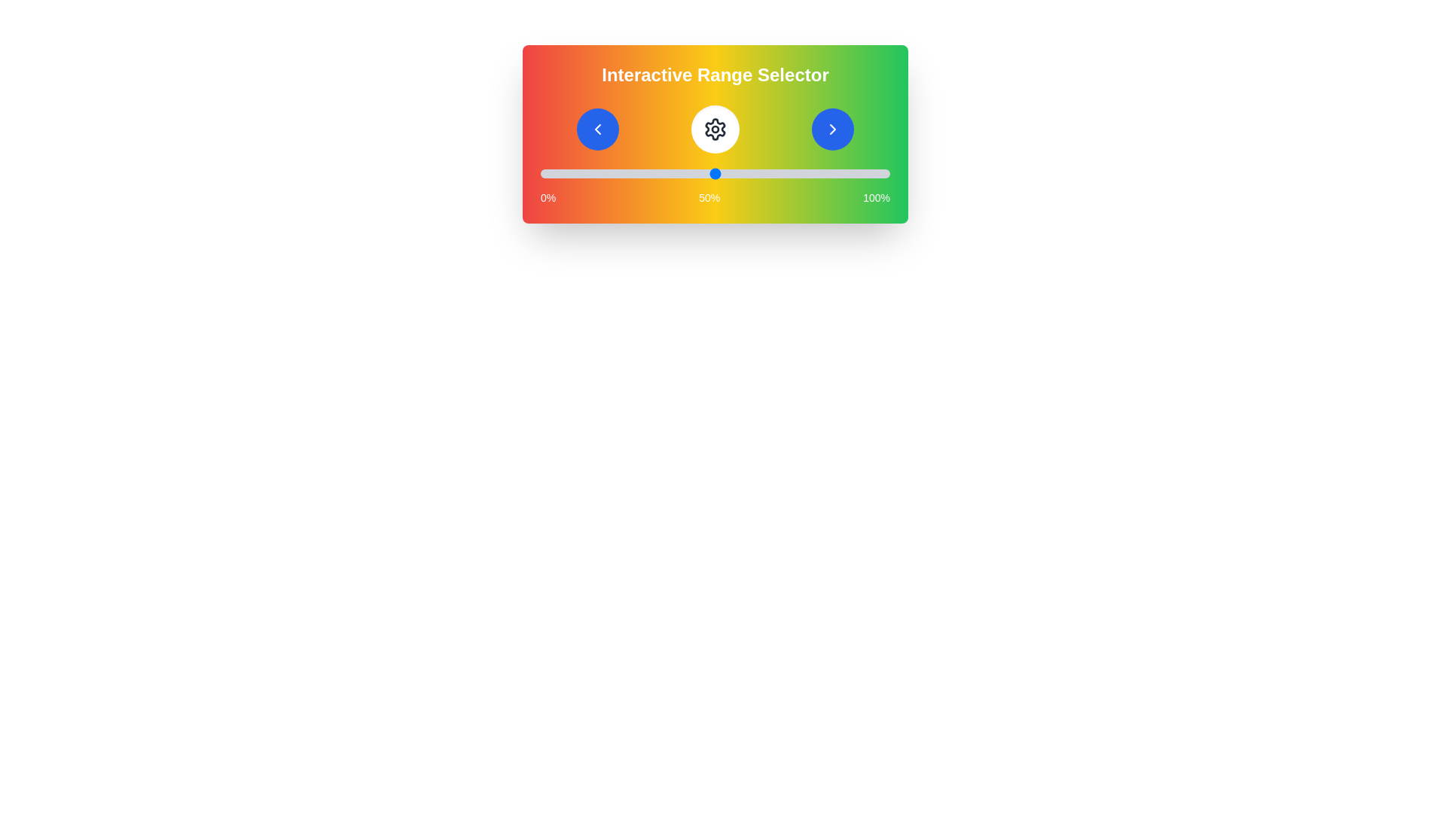 The width and height of the screenshot is (1446, 813). Describe the element at coordinates (754, 173) in the screenshot. I see `the slider to set the value to 61%` at that location.